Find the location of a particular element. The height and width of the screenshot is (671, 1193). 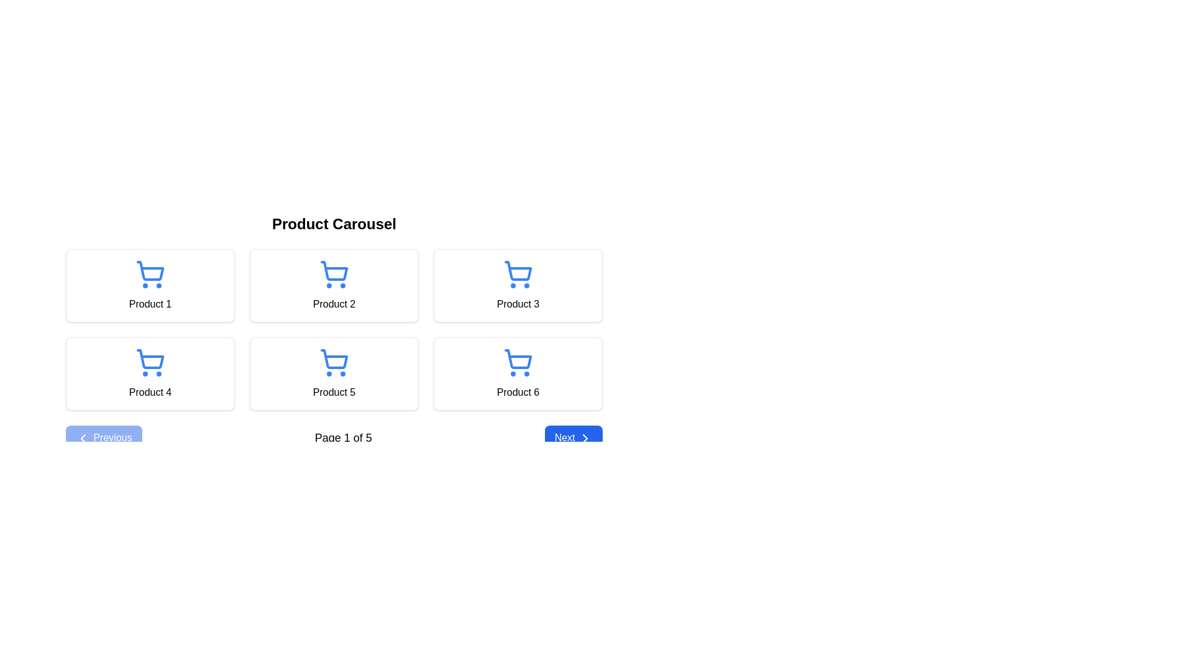

the shopping cart icon located in the second box of the three-column grid labeled 'Product 2' is located at coordinates (334, 274).